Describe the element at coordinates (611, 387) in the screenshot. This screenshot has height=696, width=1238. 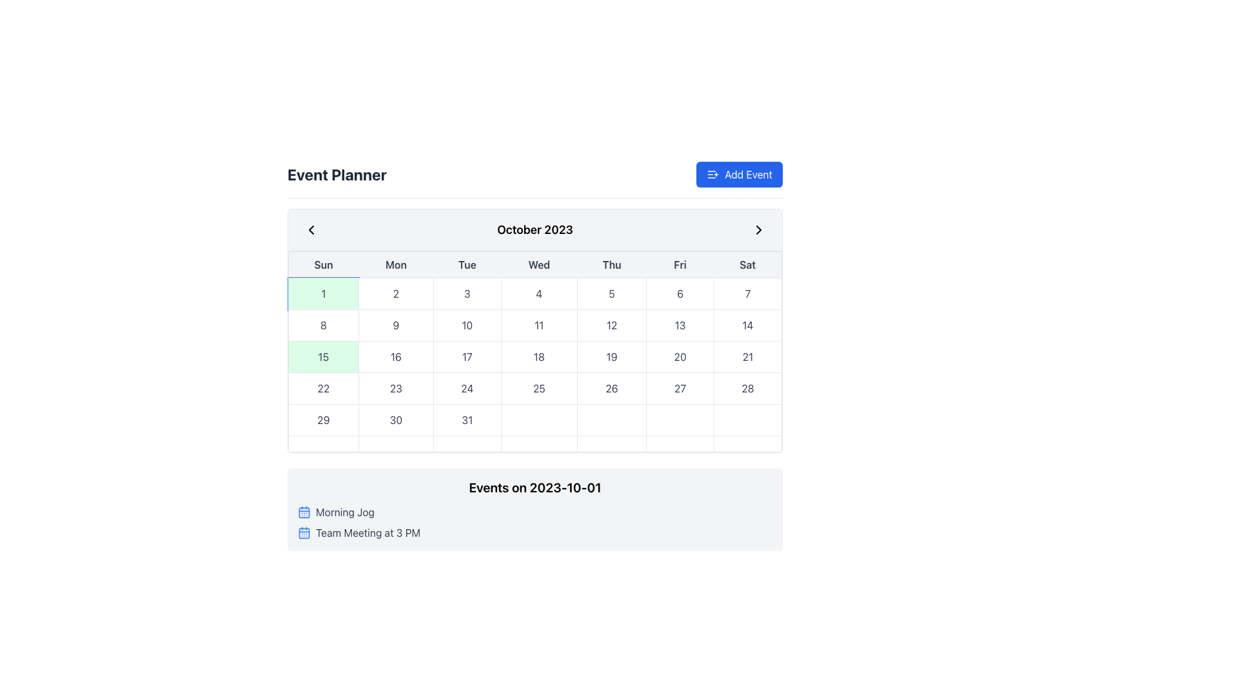
I see `the calendar day cell displaying '26'` at that location.